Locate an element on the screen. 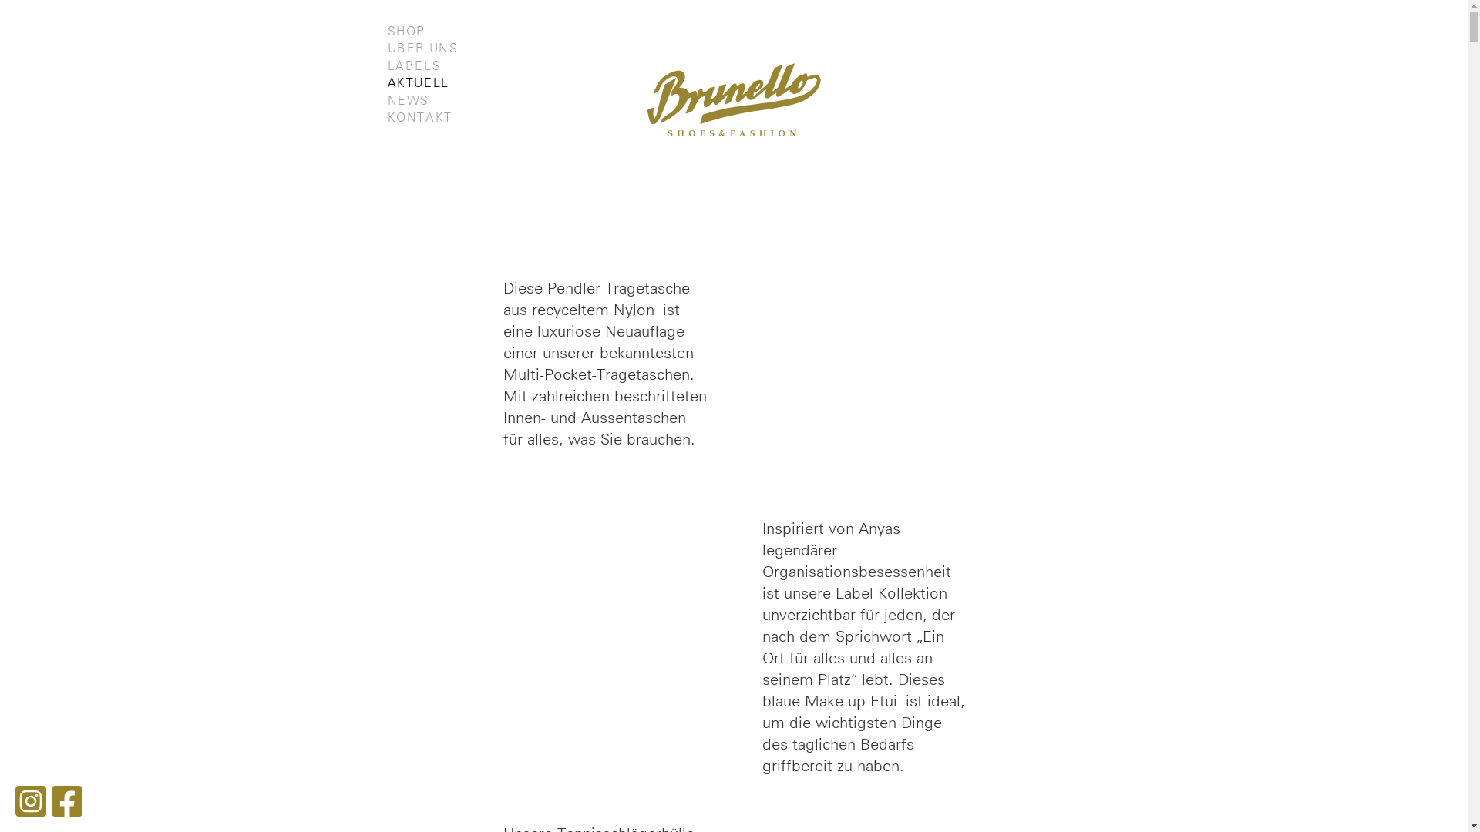  'LABELS' is located at coordinates (414, 65).